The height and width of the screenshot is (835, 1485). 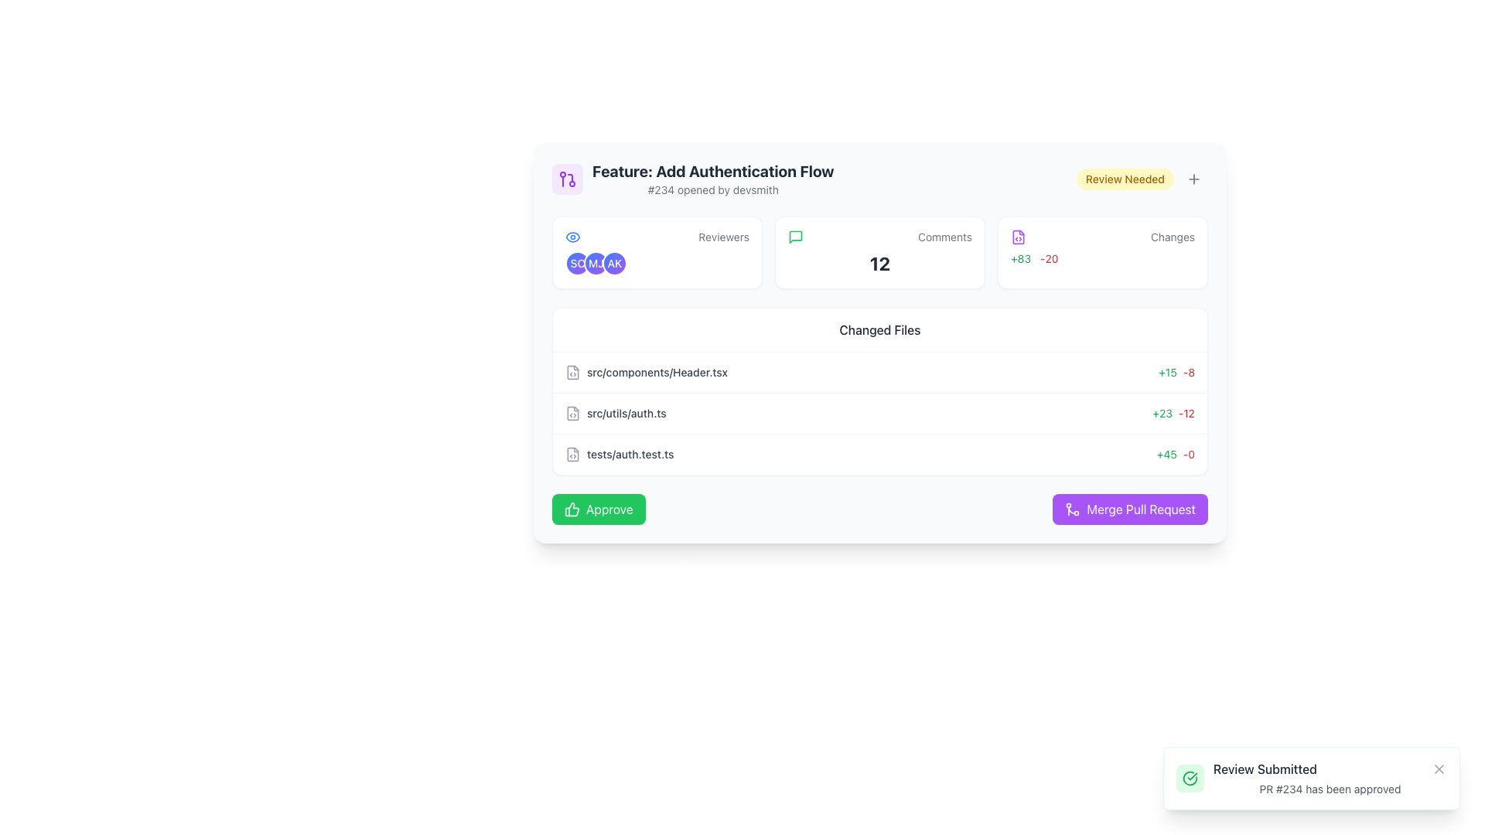 I want to click on the icon representing a pull request located at the top-left corner of the 'Feature: Add Authentication Flow' section, adjacent to the text 'Feature: Add Authentication Flow.', so click(x=567, y=178).